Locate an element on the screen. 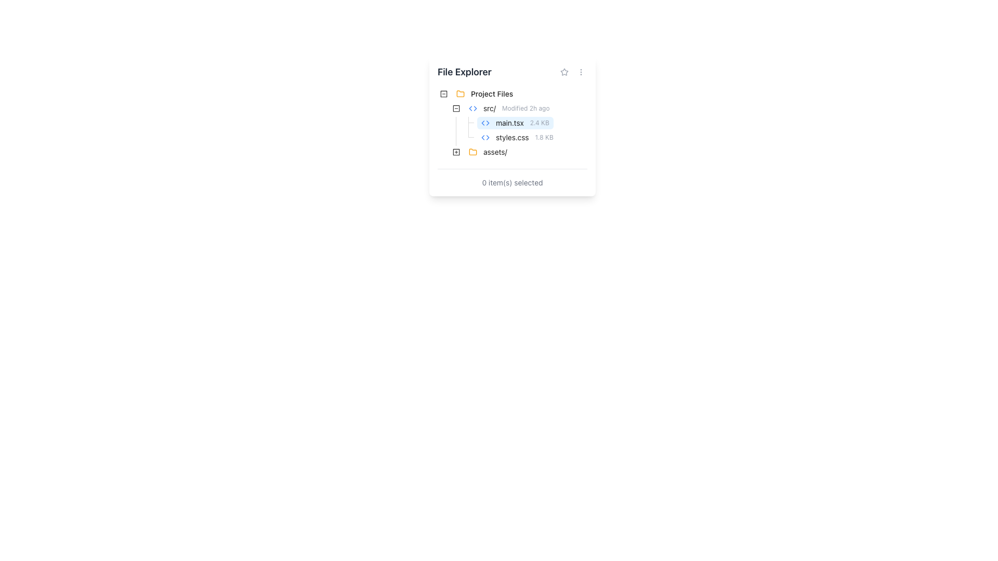  the 'Project Files' text label is located at coordinates (488, 94).